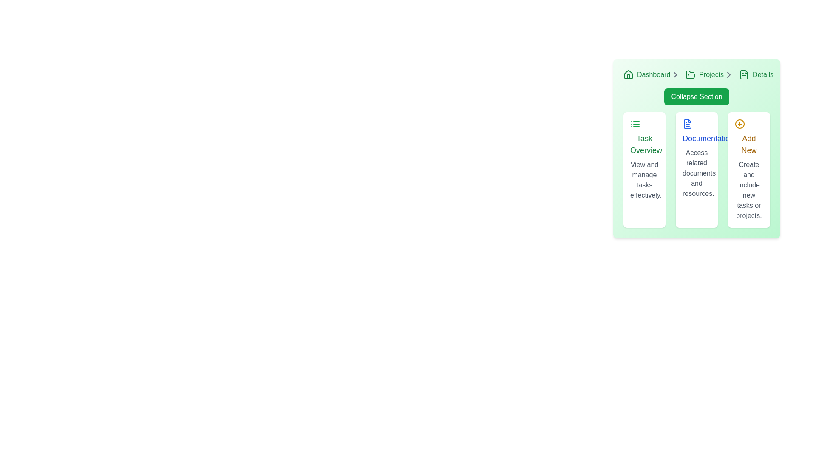 Image resolution: width=816 pixels, height=459 pixels. Describe the element at coordinates (687, 124) in the screenshot. I see `the blue document icon located in the top-left corner of the 'Documentation' card, which is the second card in a row of three` at that location.